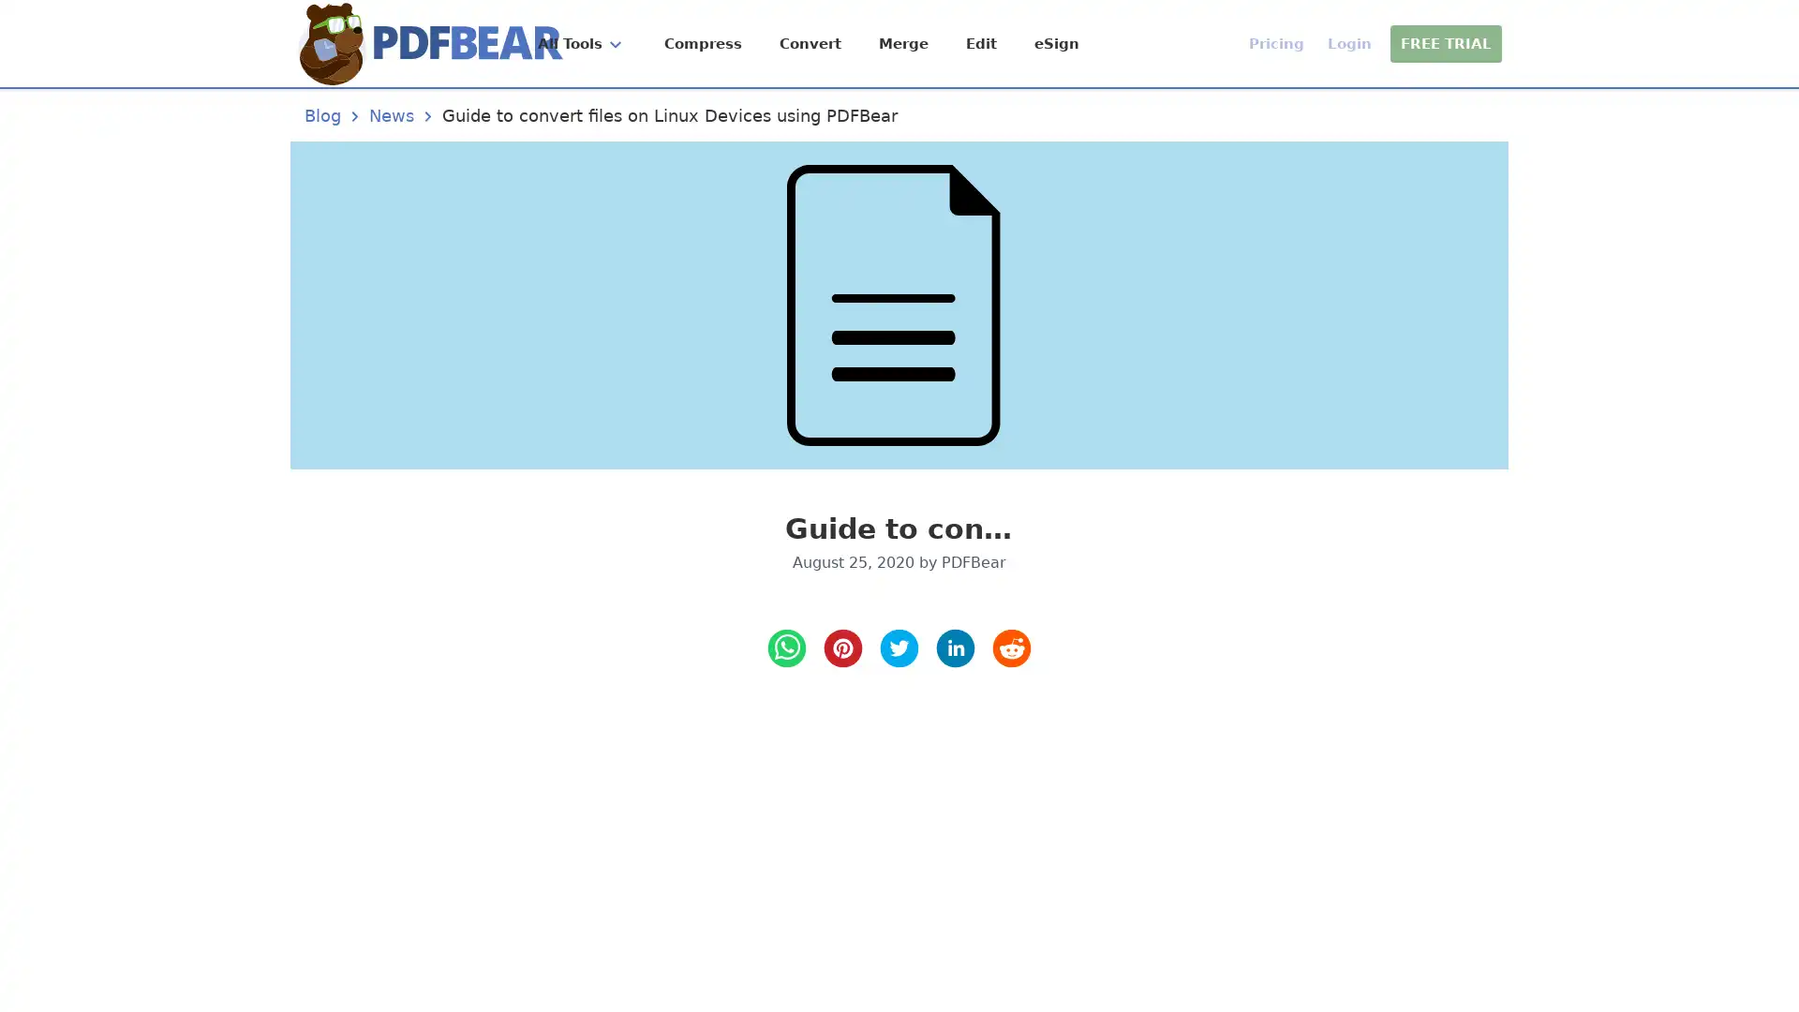  I want to click on Pinterest, so click(842, 647).